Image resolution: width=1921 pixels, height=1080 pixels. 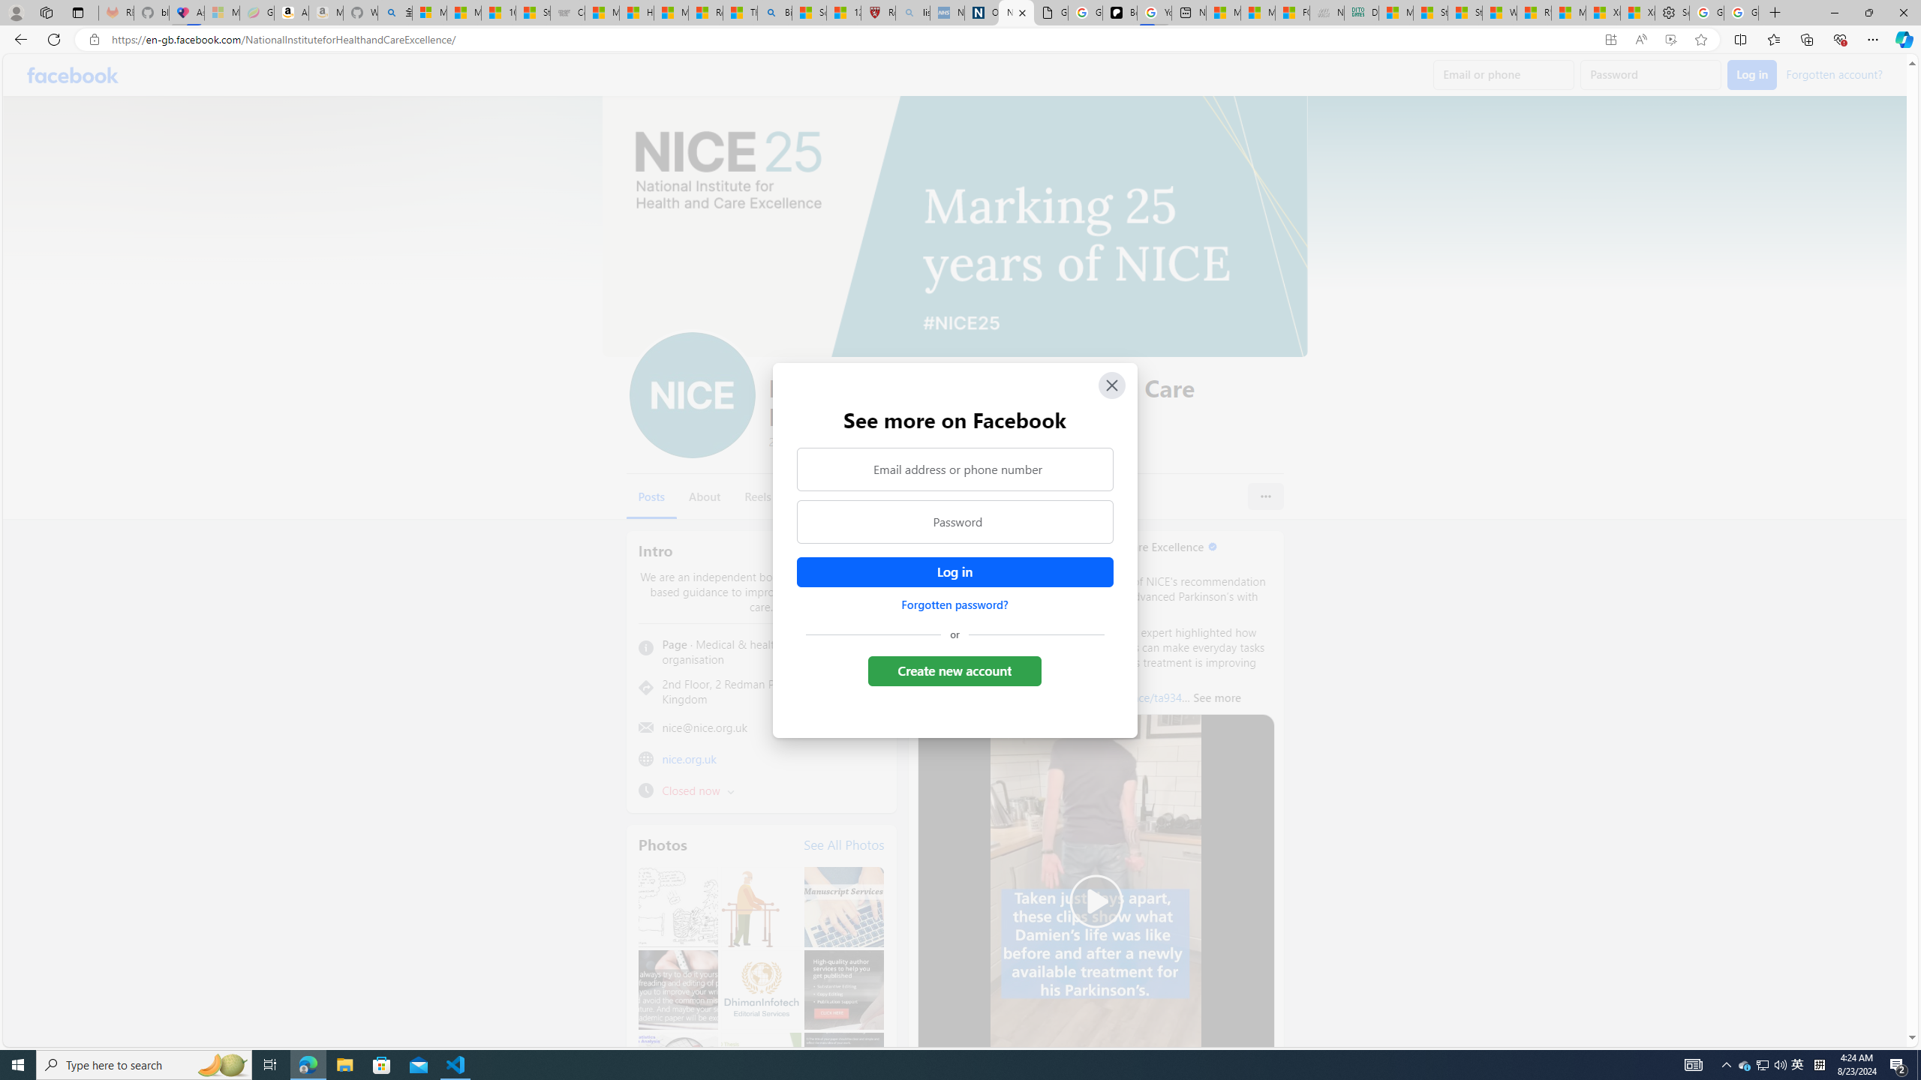 What do you see at coordinates (954, 468) in the screenshot?
I see `'Email address or phone number'` at bounding box center [954, 468].